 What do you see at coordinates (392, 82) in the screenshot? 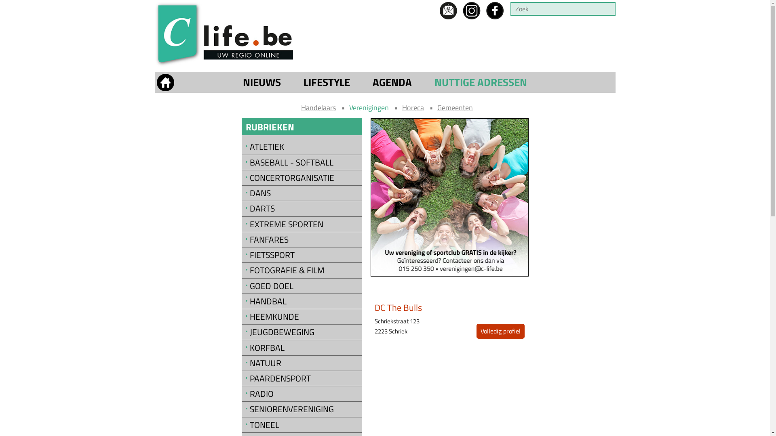
I see `'AGENDA'` at bounding box center [392, 82].